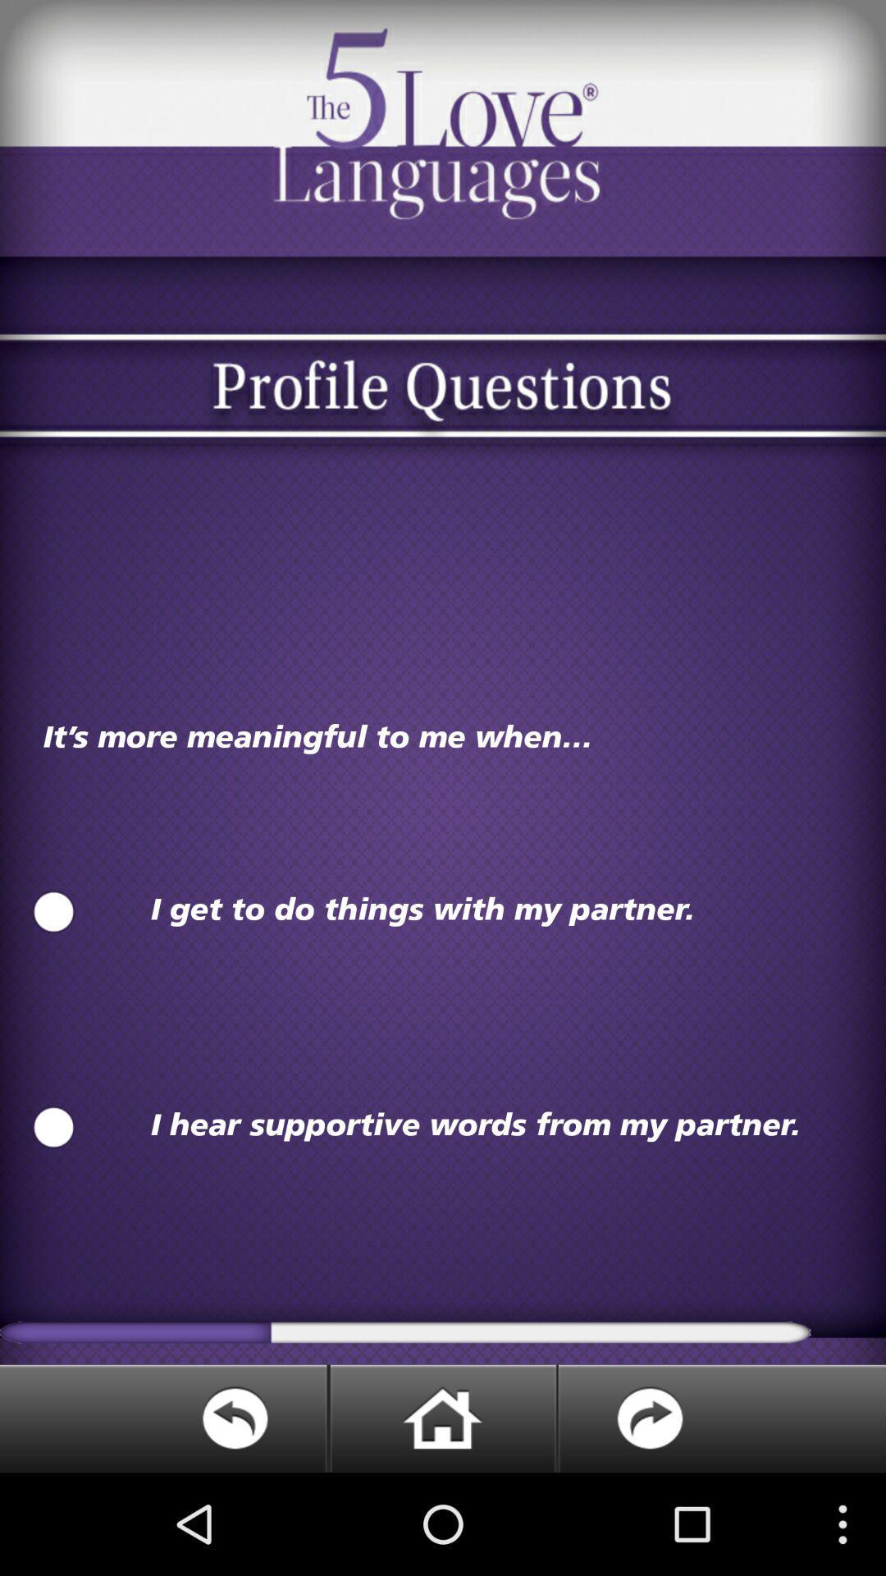  I want to click on go back, so click(163, 1418).